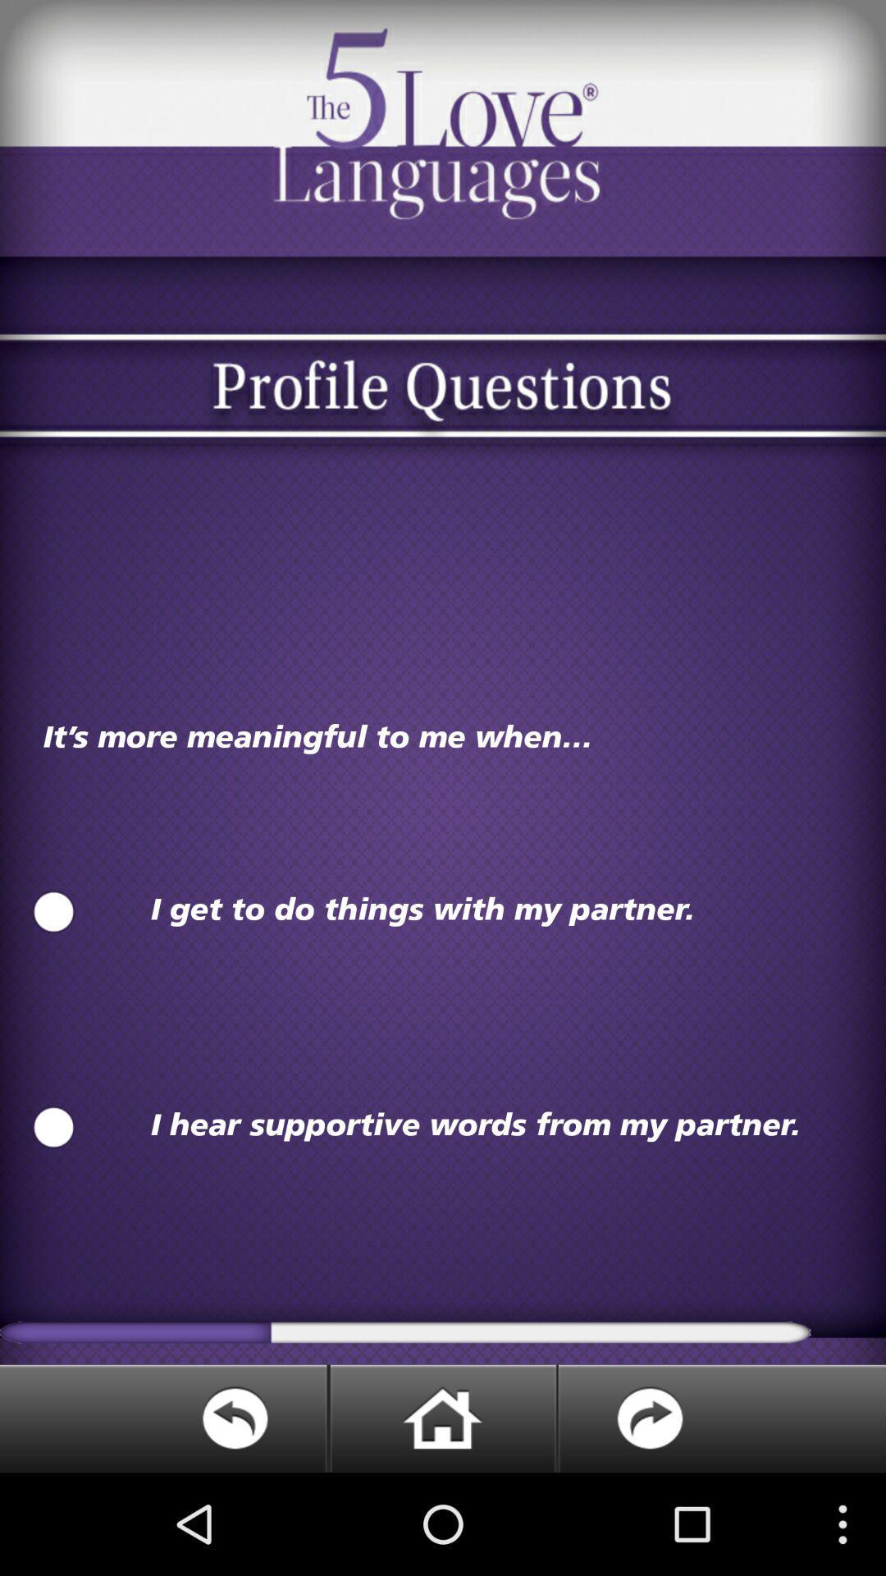  I want to click on go back, so click(163, 1418).